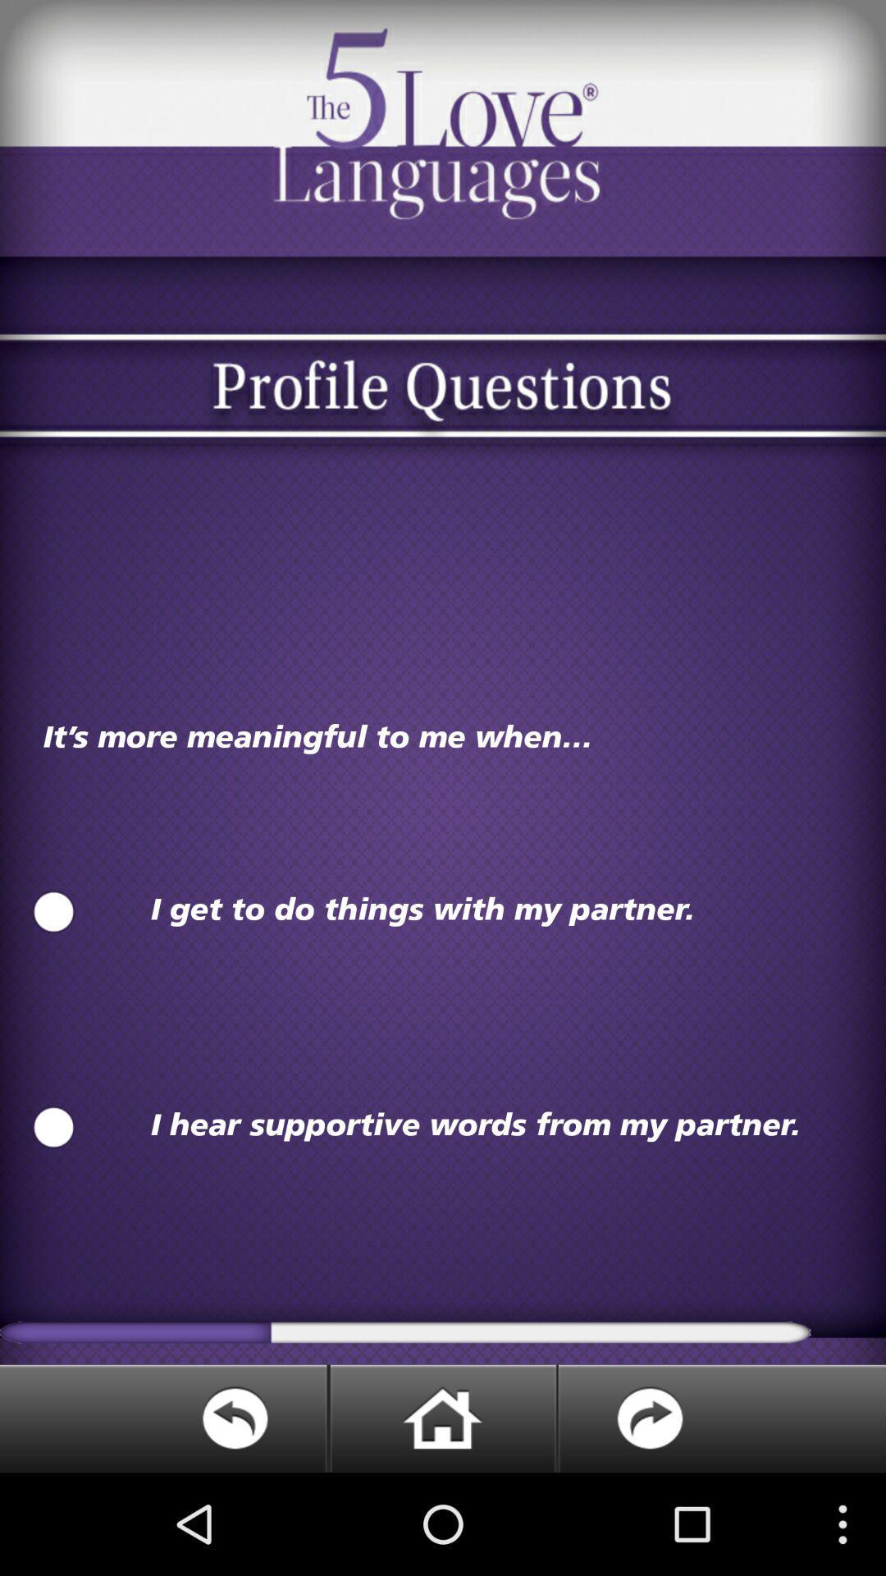  I want to click on go back, so click(163, 1418).